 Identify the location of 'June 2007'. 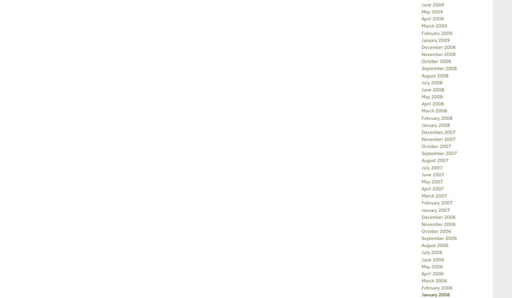
(421, 174).